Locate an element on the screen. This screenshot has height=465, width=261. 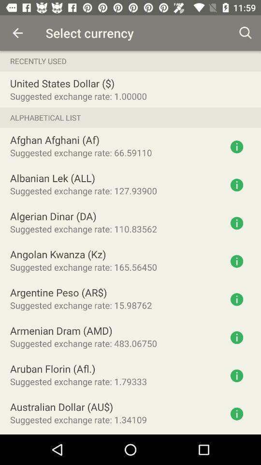
the icon above recently used is located at coordinates (246, 33).